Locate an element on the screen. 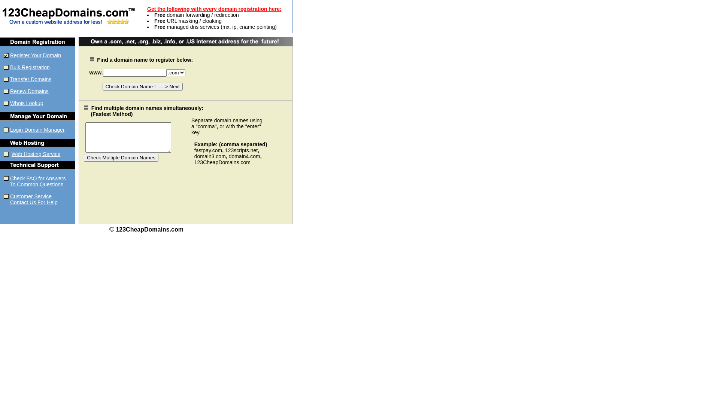 This screenshot has height=404, width=719. 'Whois Lookup' is located at coordinates (27, 103).